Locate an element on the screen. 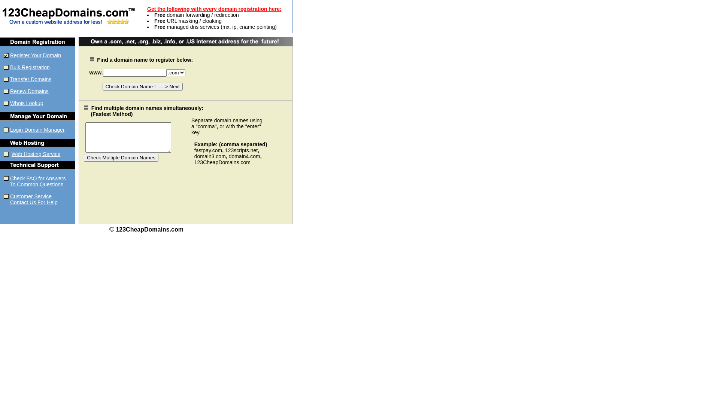 This screenshot has height=404, width=719. 'Whois Lookup' is located at coordinates (27, 103).